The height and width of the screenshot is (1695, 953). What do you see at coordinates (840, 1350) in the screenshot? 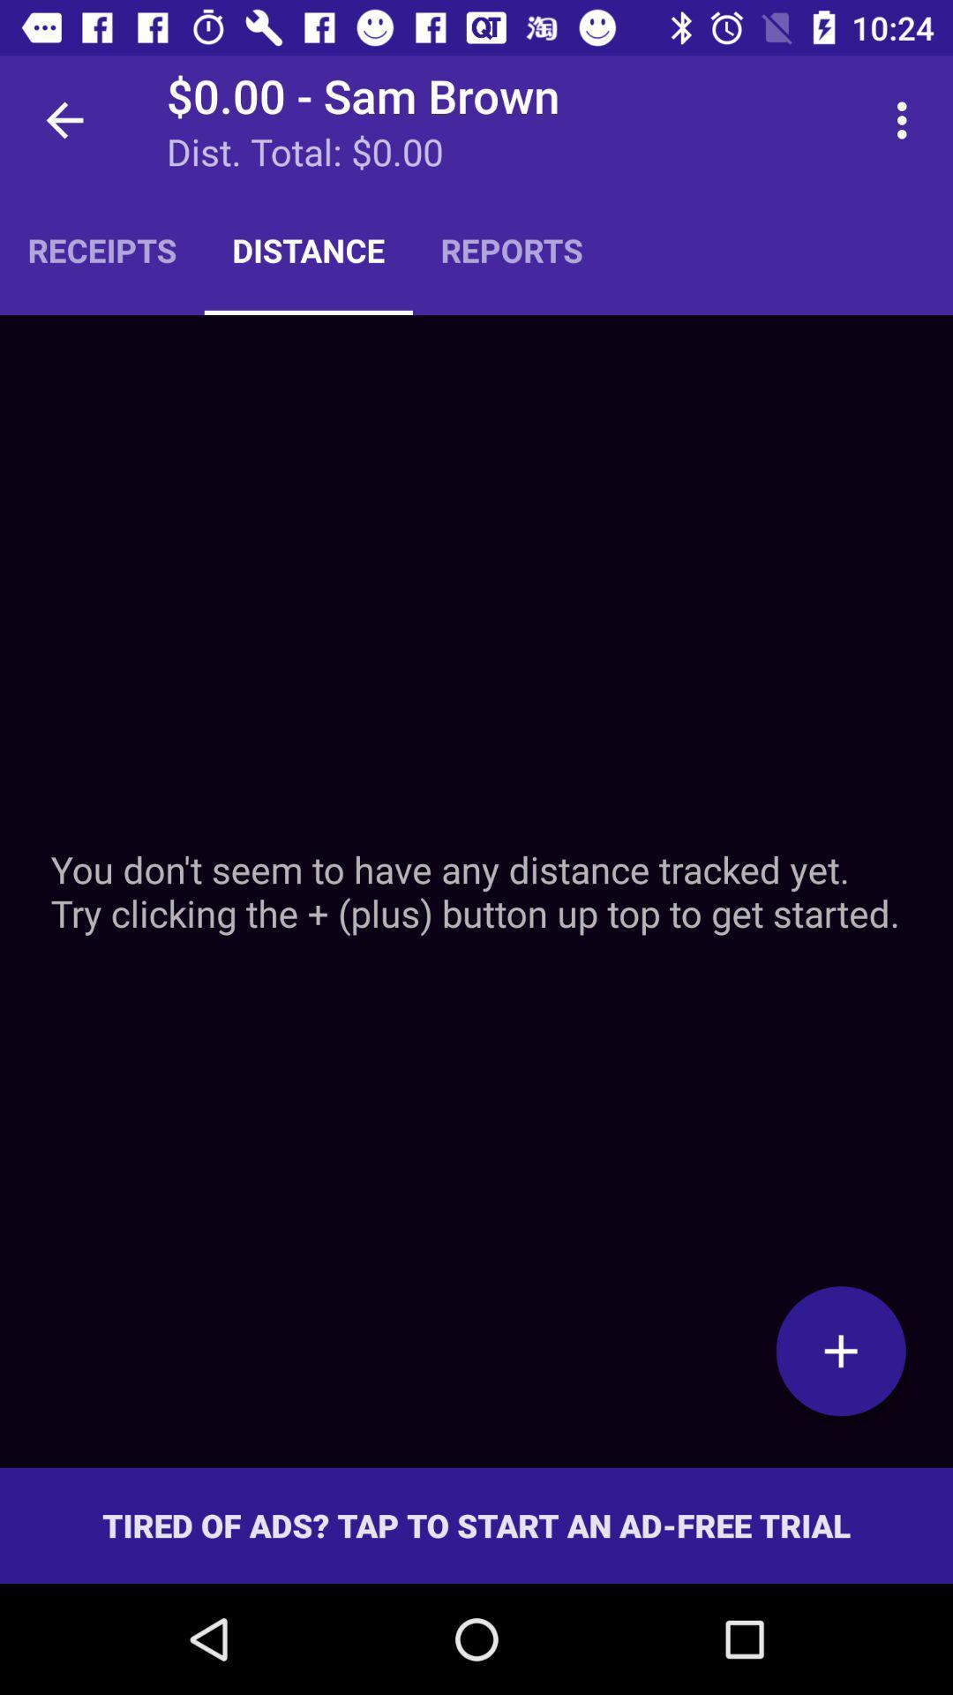
I see `distance` at bounding box center [840, 1350].